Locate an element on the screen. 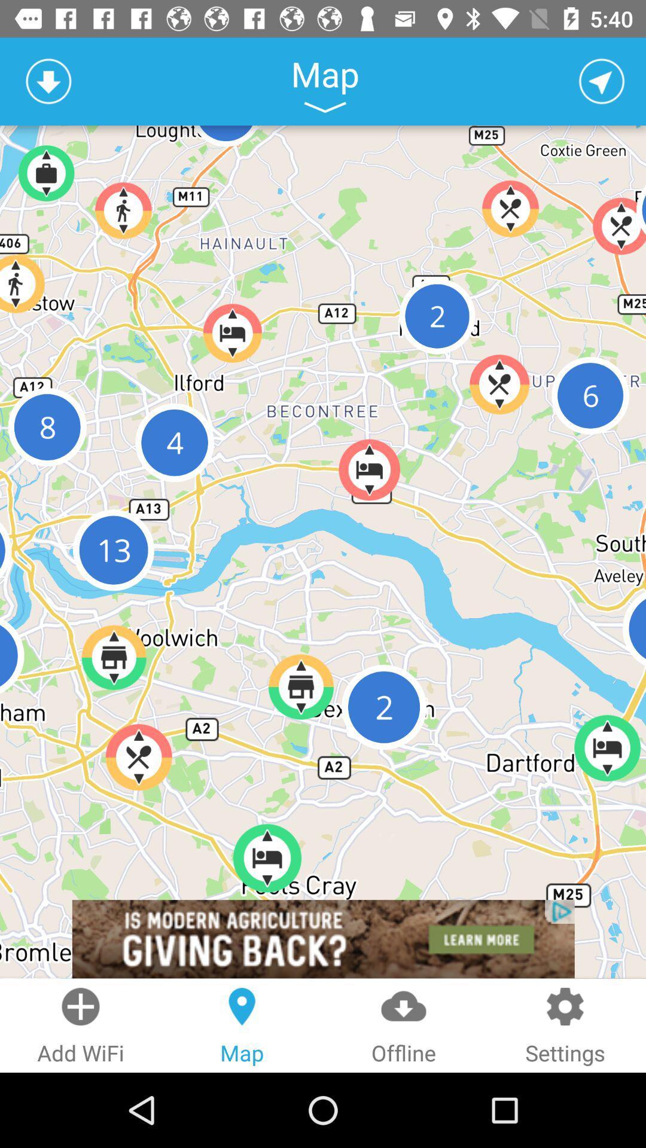  download map is located at coordinates (48, 81).